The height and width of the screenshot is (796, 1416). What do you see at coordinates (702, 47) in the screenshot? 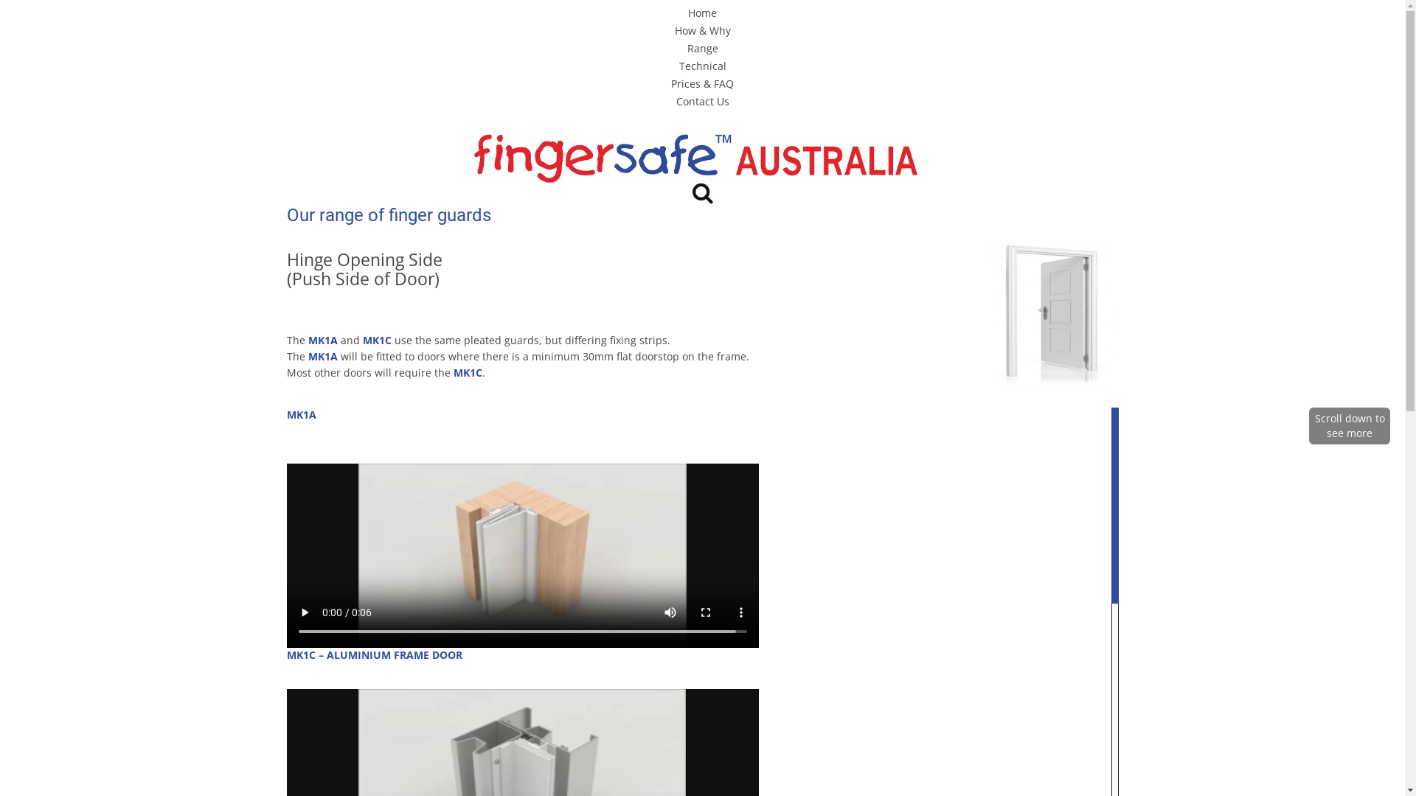
I see `'Range'` at bounding box center [702, 47].